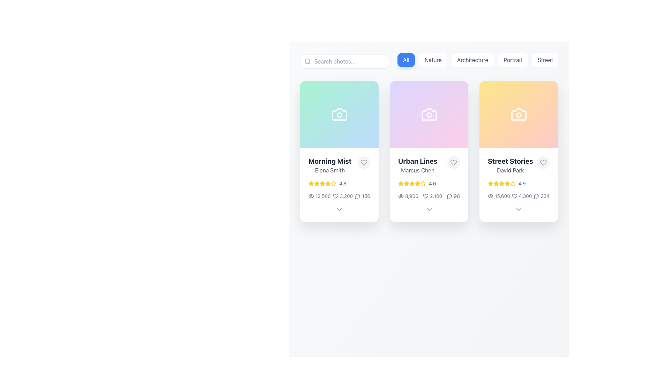  What do you see at coordinates (513, 183) in the screenshot?
I see `the last star icon in the rating section of the 'Street Stories' card, which is characterized by its yellow outline and hollow center` at bounding box center [513, 183].